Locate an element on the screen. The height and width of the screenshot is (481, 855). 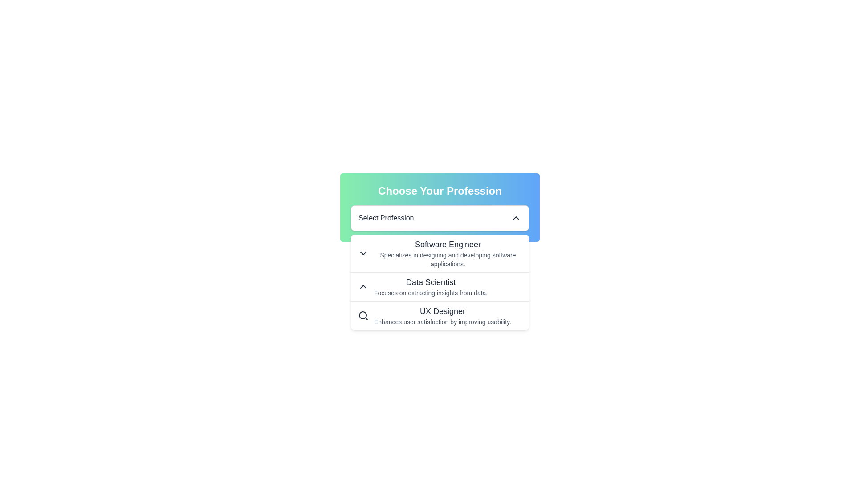
the 'Data Scientist' text label is located at coordinates (430, 282).